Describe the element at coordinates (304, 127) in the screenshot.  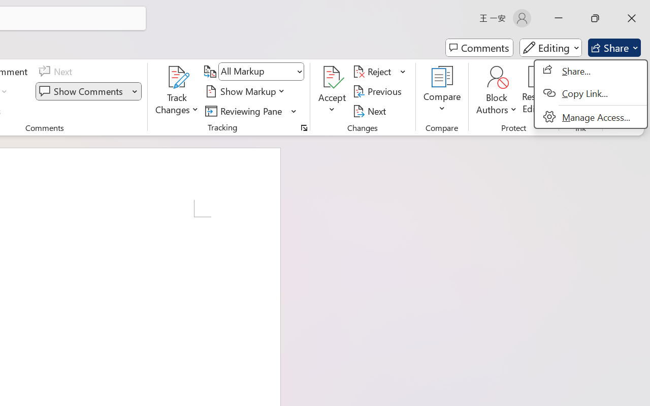
I see `'Change Tracking Options...'` at that location.